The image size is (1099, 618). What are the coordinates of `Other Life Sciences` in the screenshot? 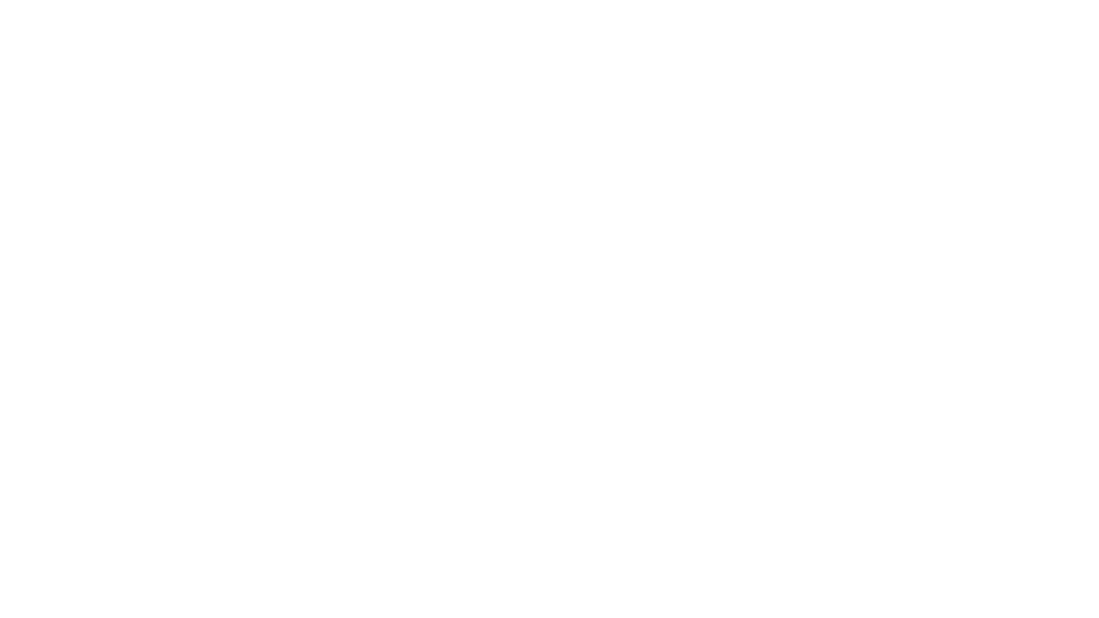 It's located at (513, 387).